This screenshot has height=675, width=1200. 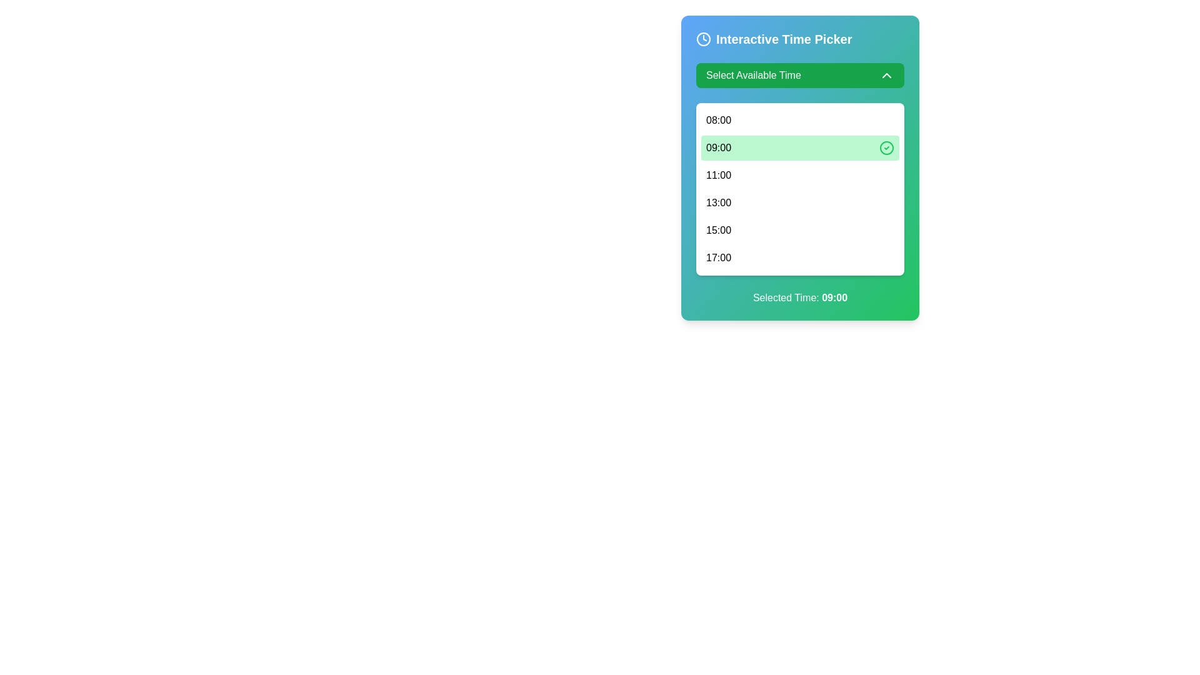 What do you see at coordinates (719, 147) in the screenshot?
I see `the Text display that indicates the selected time option under the 'Select Available Time' dropdown` at bounding box center [719, 147].